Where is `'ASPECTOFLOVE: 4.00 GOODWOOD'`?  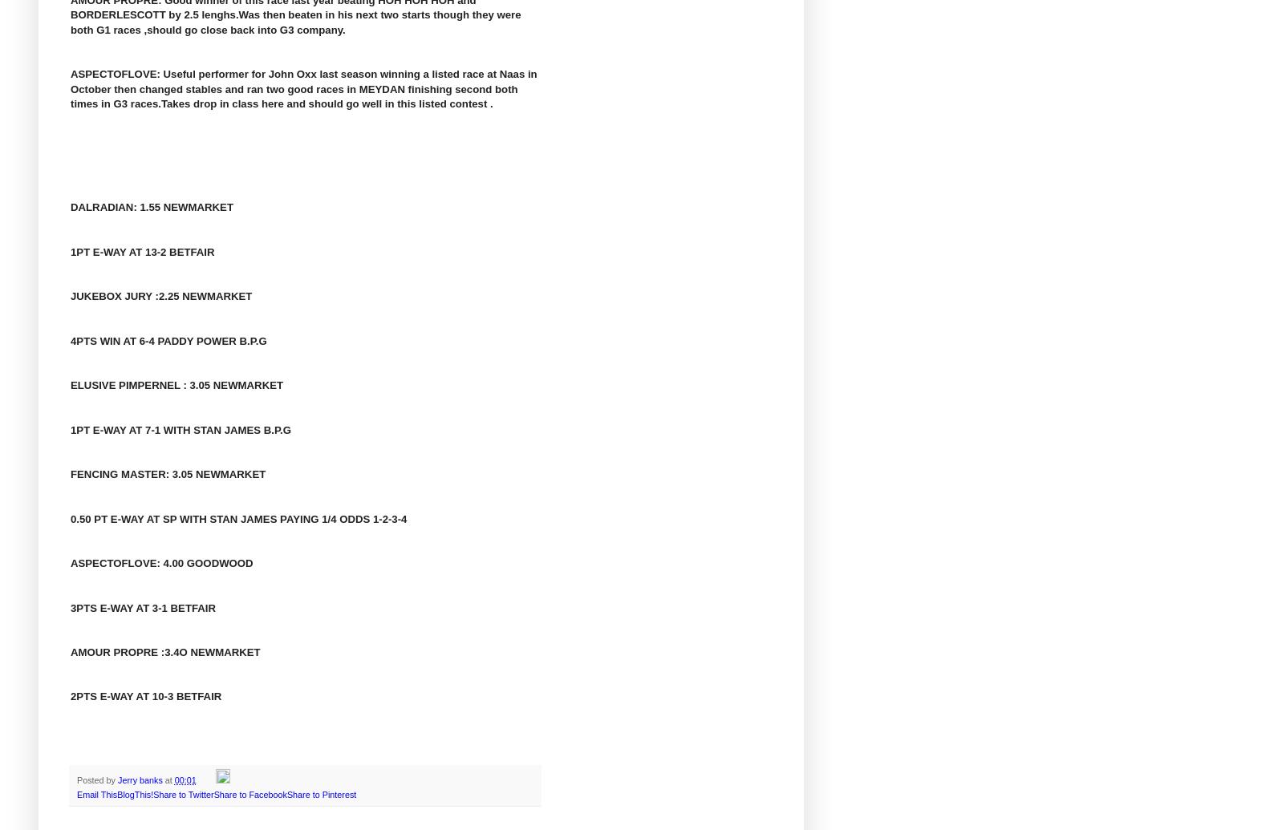
'ASPECTOFLOVE: 4.00 GOODWOOD' is located at coordinates (160, 562).